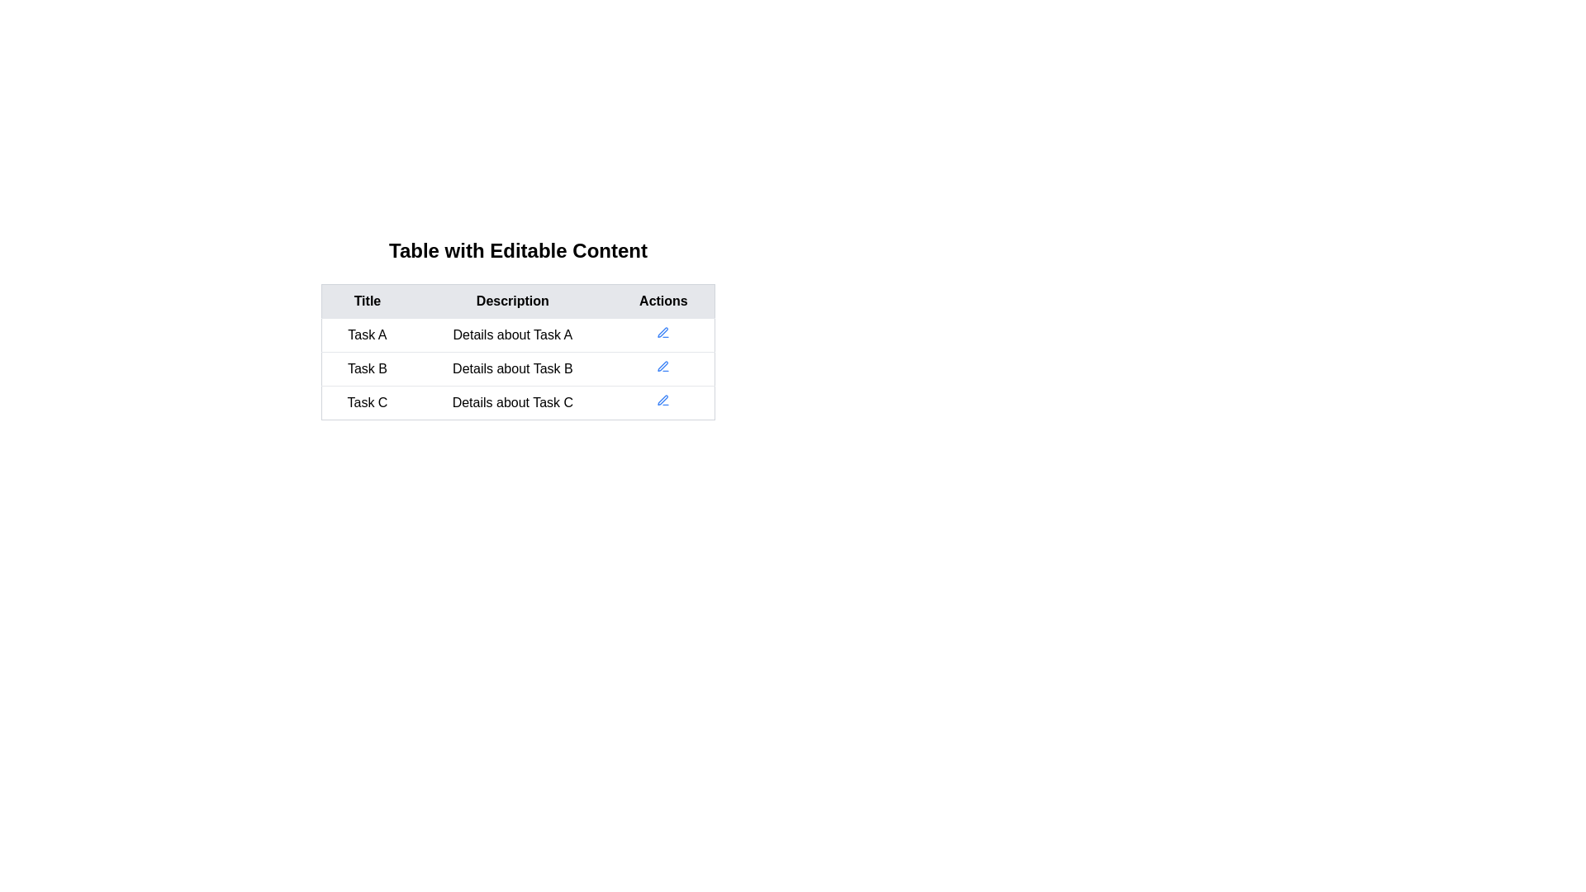  What do you see at coordinates (663, 301) in the screenshot?
I see `the table header cell labeled 'Actions', which is the third column in the header row with a light gray background` at bounding box center [663, 301].